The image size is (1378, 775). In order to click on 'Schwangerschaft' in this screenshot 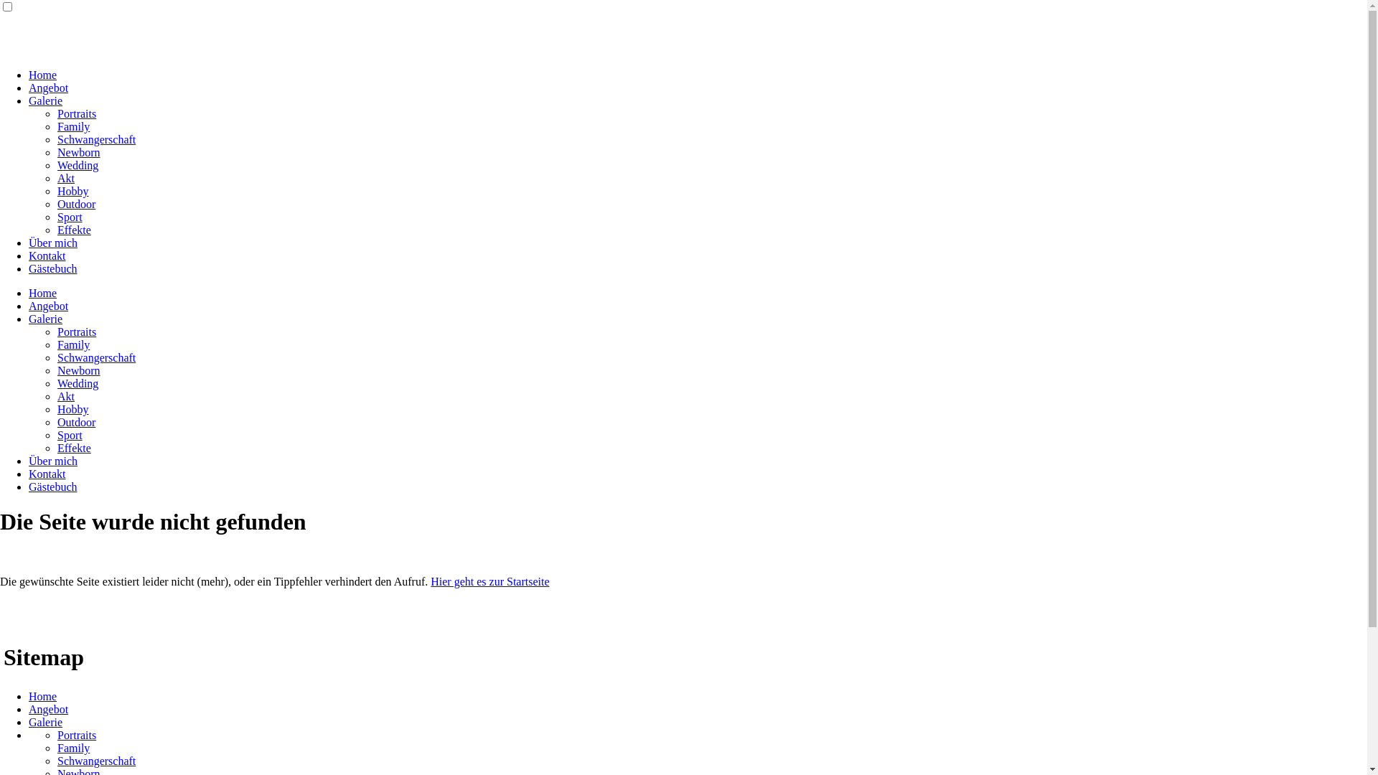, I will do `click(95, 357)`.